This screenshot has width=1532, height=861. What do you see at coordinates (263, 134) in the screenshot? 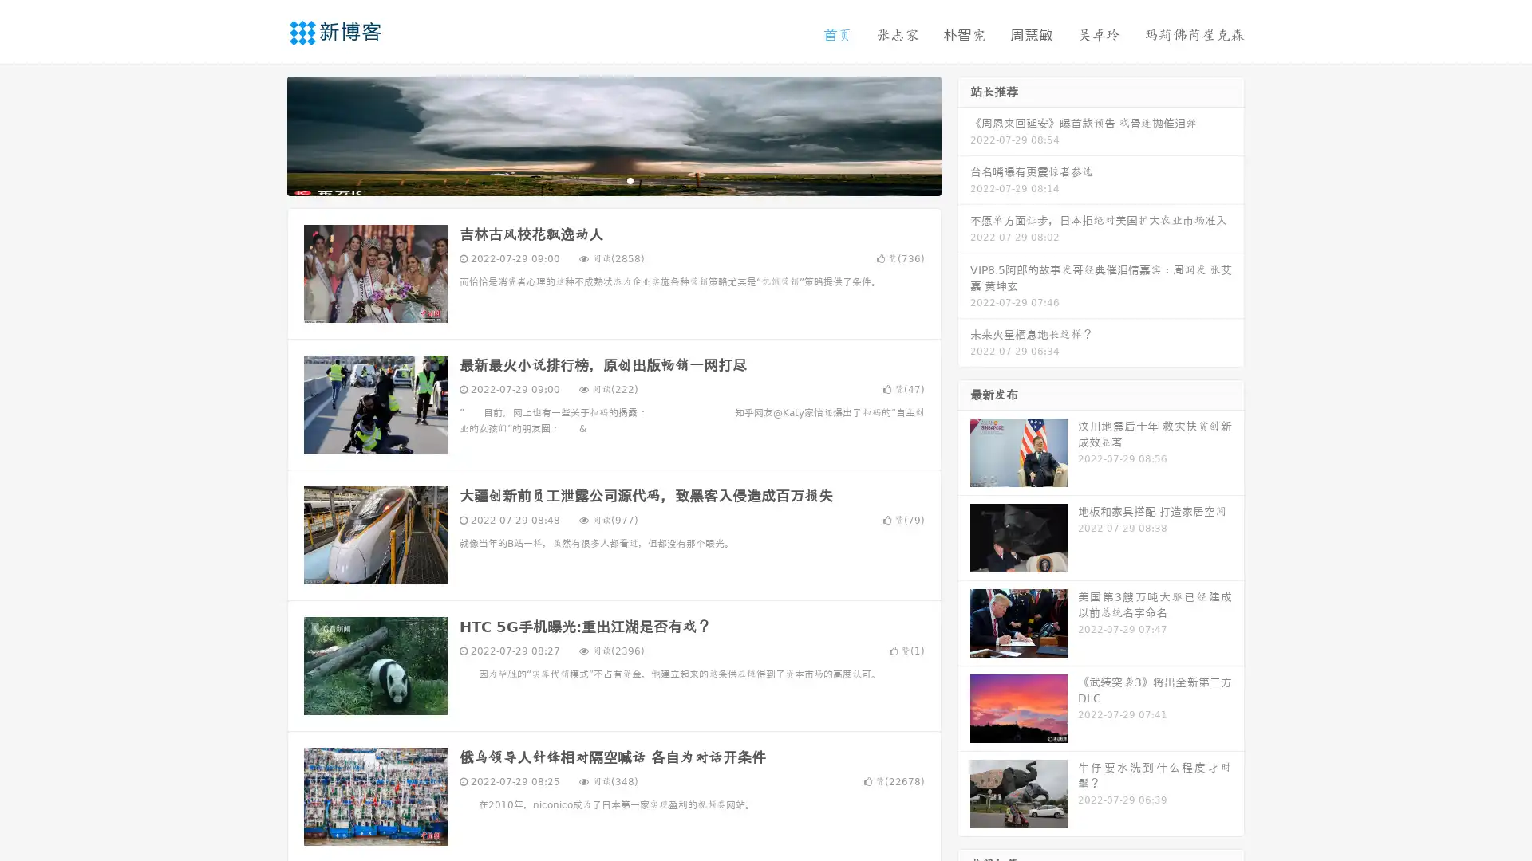
I see `Previous slide` at bounding box center [263, 134].